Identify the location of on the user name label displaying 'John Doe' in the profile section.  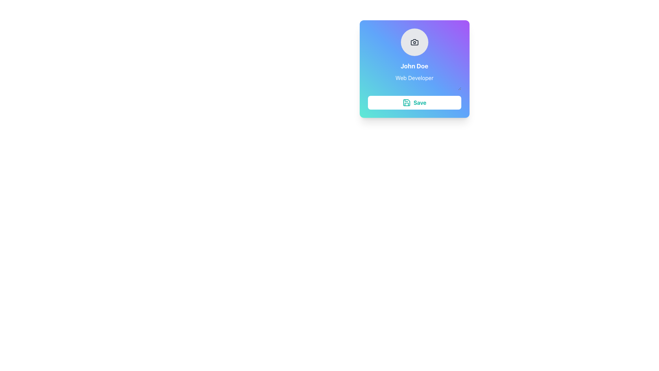
(414, 66).